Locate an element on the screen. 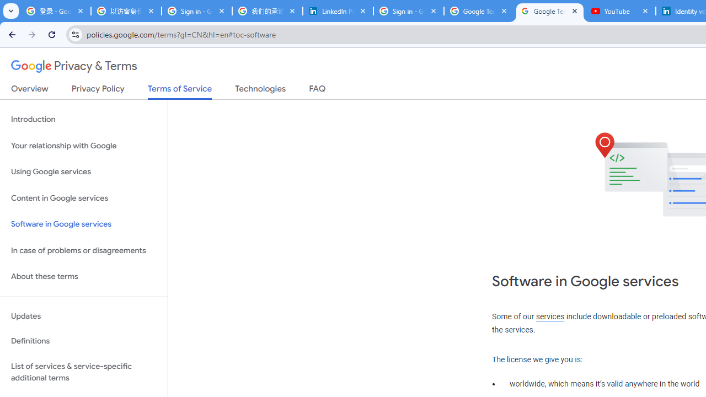 This screenshot has height=397, width=706. 'YouTube' is located at coordinates (621, 11).